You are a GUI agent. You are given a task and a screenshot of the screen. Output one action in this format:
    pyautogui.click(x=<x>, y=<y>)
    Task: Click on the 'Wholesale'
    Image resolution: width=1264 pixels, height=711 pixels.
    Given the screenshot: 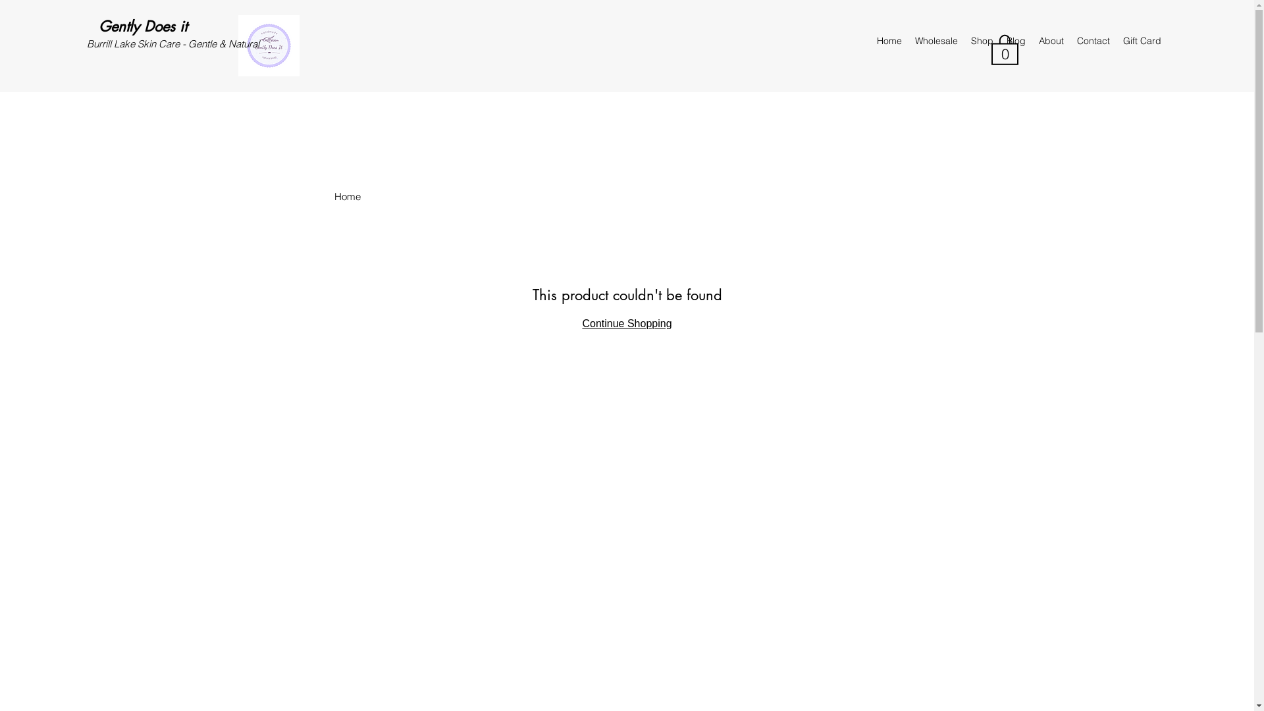 What is the action you would take?
    pyautogui.click(x=935, y=39)
    